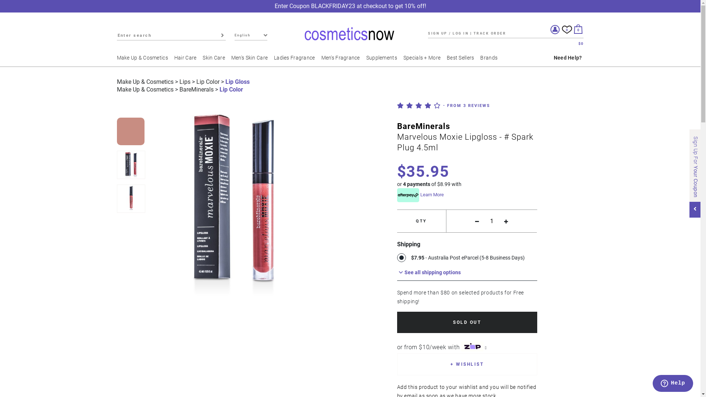 This screenshot has height=397, width=706. I want to click on 'Skin Care', so click(215, 60).